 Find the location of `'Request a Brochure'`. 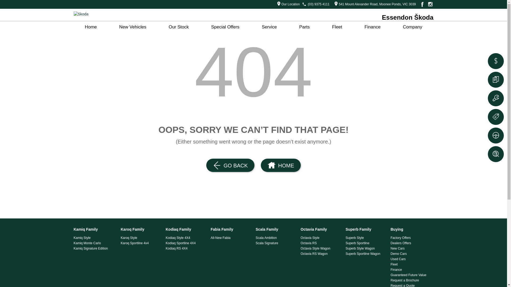

'Request a Brochure' is located at coordinates (411, 280).